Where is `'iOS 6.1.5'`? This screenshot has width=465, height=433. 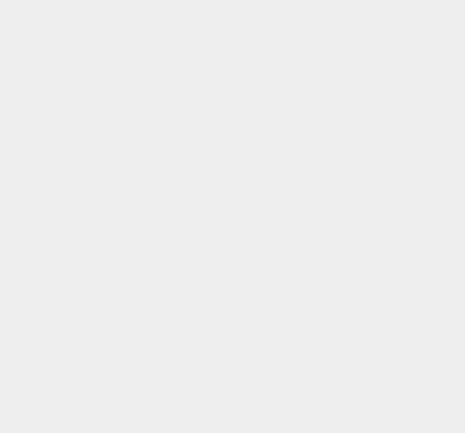
'iOS 6.1.5' is located at coordinates (339, 141).